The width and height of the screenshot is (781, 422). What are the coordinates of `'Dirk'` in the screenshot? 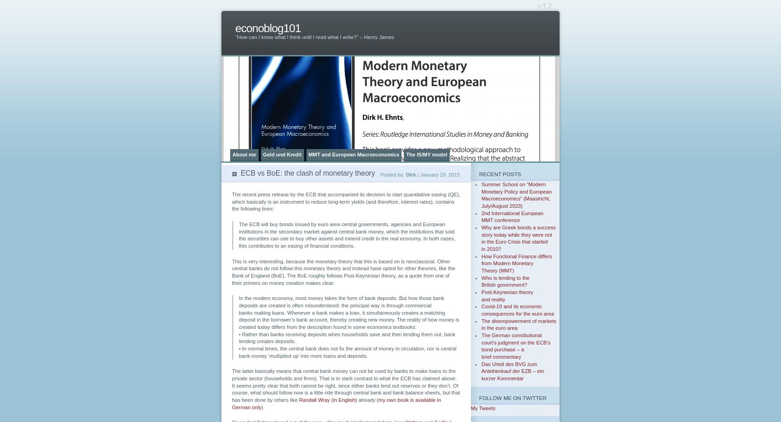 It's located at (411, 174).